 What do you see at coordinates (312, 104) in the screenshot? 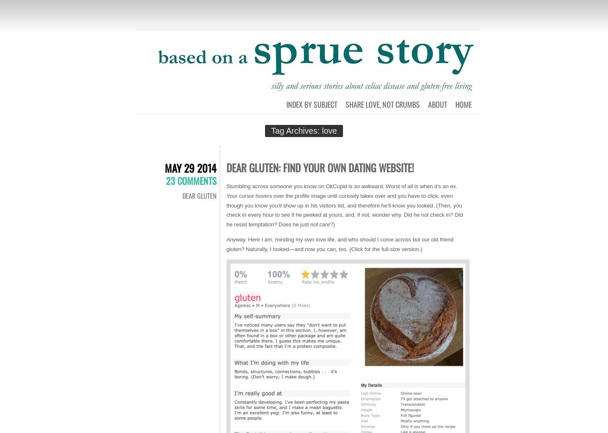
I see `'Index by subject'` at bounding box center [312, 104].